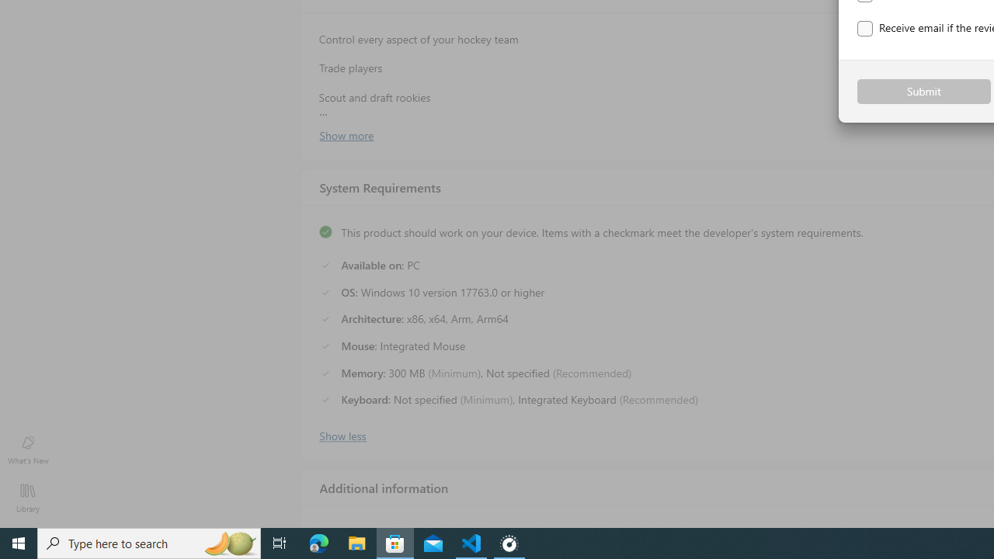 This screenshot has width=994, height=559. Describe the element at coordinates (345, 134) in the screenshot. I see `'Show more'` at that location.